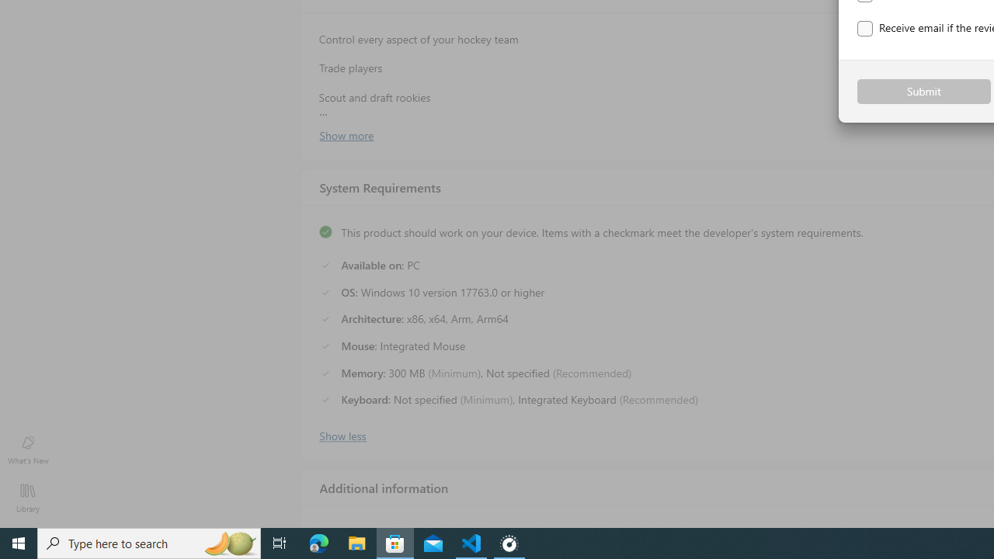 This screenshot has width=994, height=559. Describe the element at coordinates (345, 134) in the screenshot. I see `'Show more'` at that location.